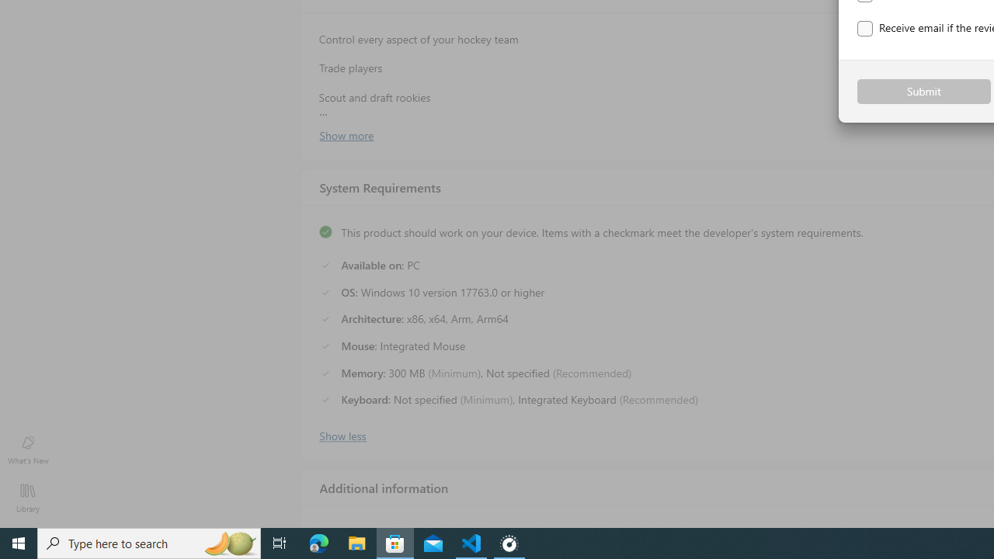 This screenshot has width=994, height=559. Describe the element at coordinates (345, 134) in the screenshot. I see `'Show more'` at that location.